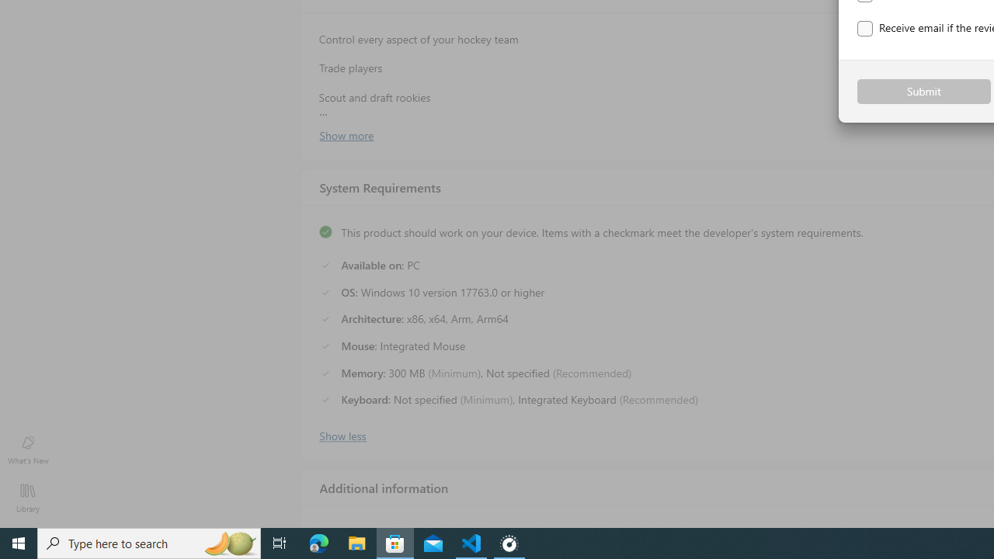 This screenshot has width=994, height=559. Describe the element at coordinates (345, 134) in the screenshot. I see `'Show more'` at that location.